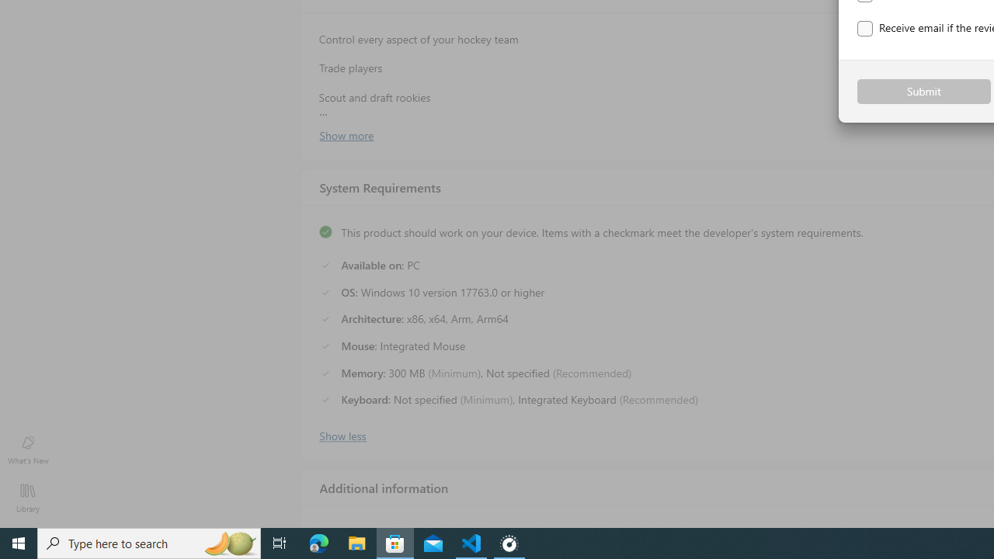 This screenshot has width=994, height=559. Describe the element at coordinates (345, 134) in the screenshot. I see `'Show more'` at that location.